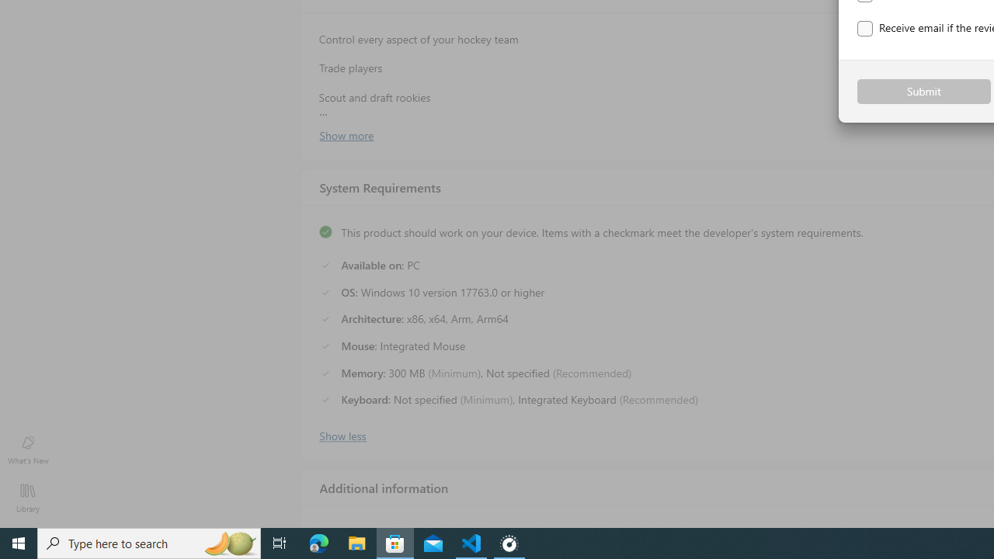 This screenshot has width=994, height=559. Describe the element at coordinates (345, 134) in the screenshot. I see `'Show more'` at that location.